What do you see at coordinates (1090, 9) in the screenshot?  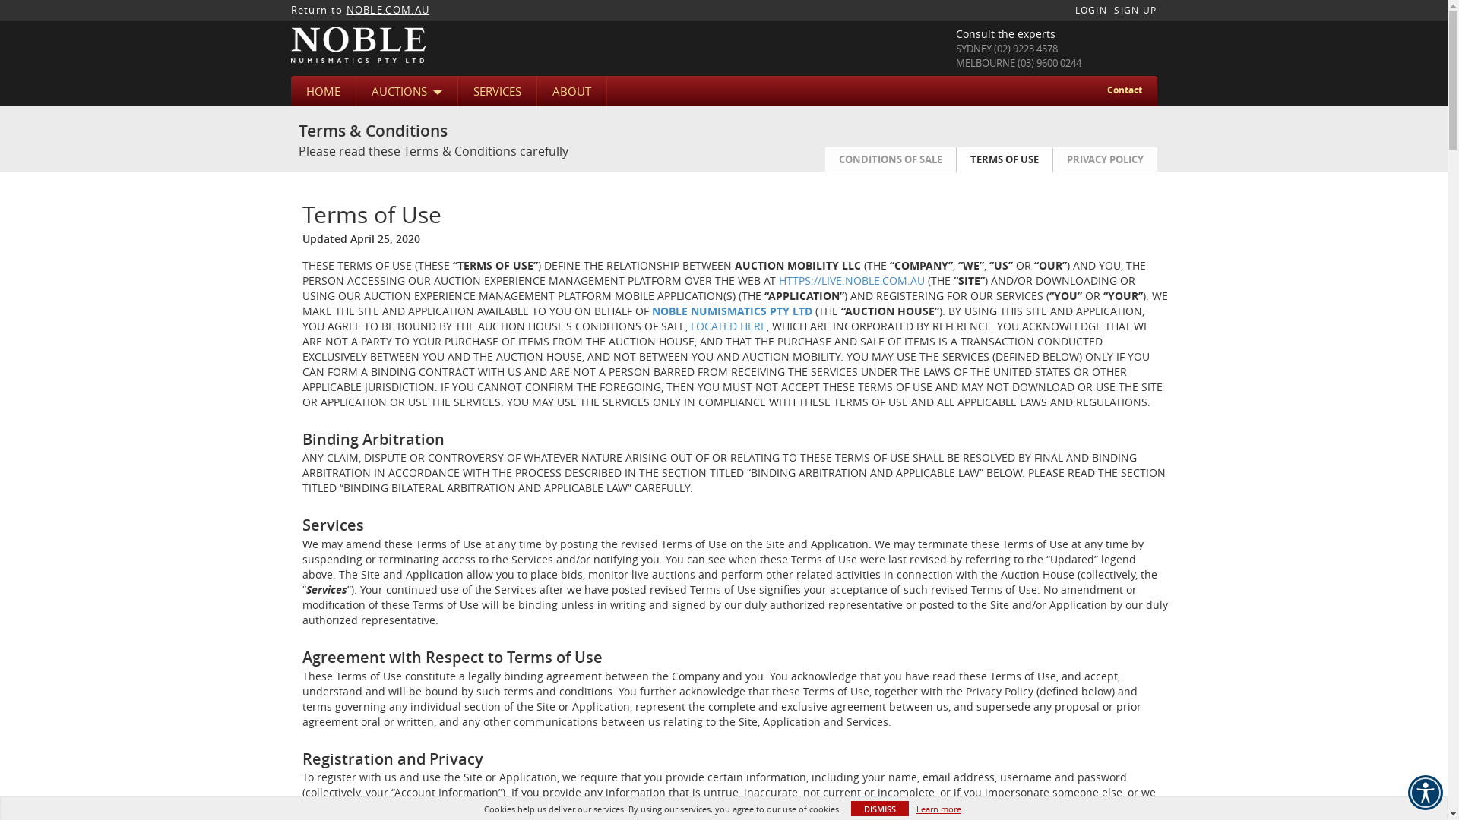 I see `'LOGIN'` at bounding box center [1090, 9].